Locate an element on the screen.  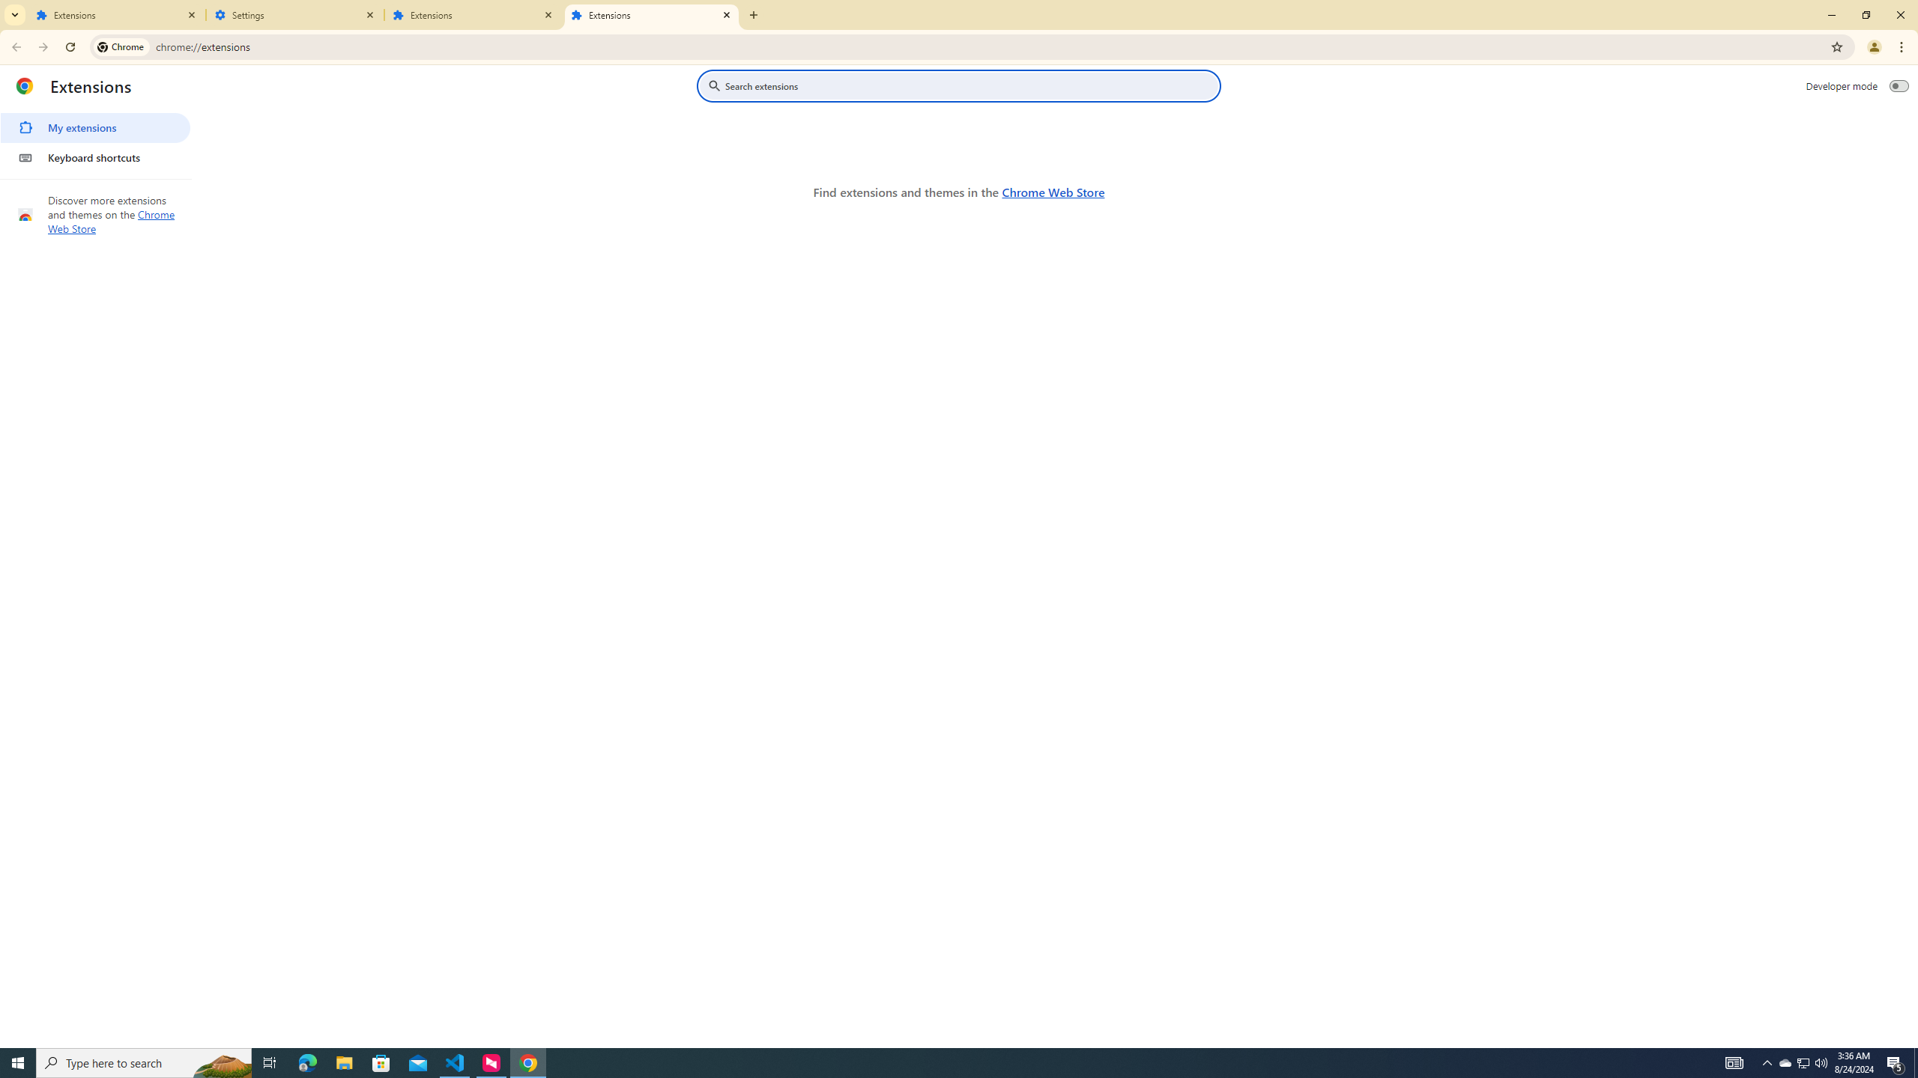
'AutomationID: sectionMenu' is located at coordinates (95, 138).